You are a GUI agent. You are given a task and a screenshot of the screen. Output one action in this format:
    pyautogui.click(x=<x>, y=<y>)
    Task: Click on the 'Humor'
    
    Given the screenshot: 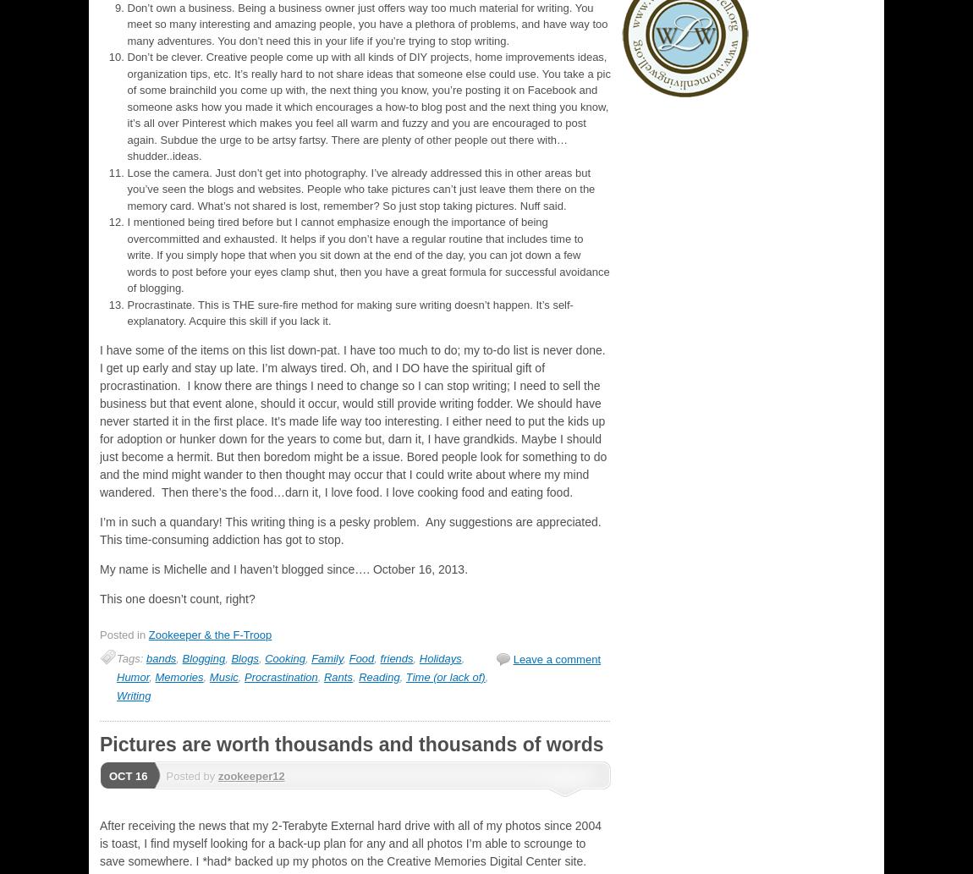 What is the action you would take?
    pyautogui.click(x=131, y=677)
    